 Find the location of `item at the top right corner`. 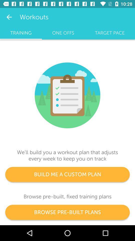

item at the top right corner is located at coordinates (109, 33).